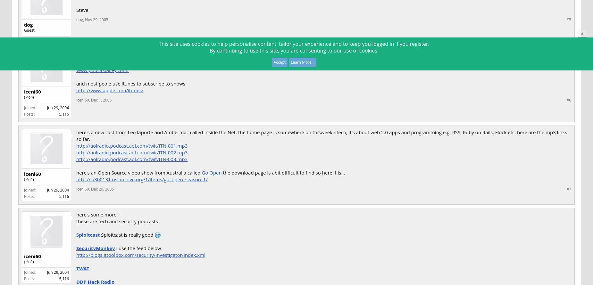  Describe the element at coordinates (127, 234) in the screenshot. I see `'Sploitcast is really good'` at that location.